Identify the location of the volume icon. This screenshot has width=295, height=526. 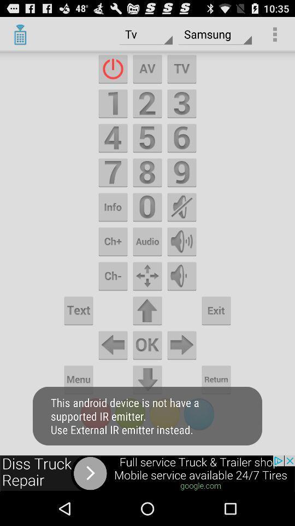
(182, 295).